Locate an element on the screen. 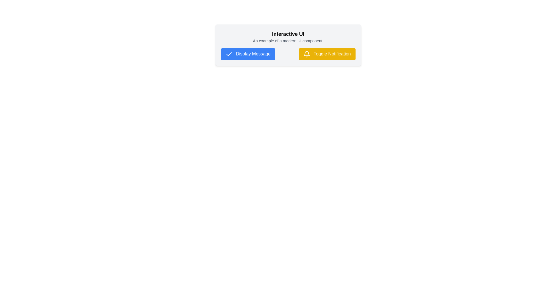  the 'Toggle Notification' button, which has a yellow background and white text is located at coordinates (327, 54).